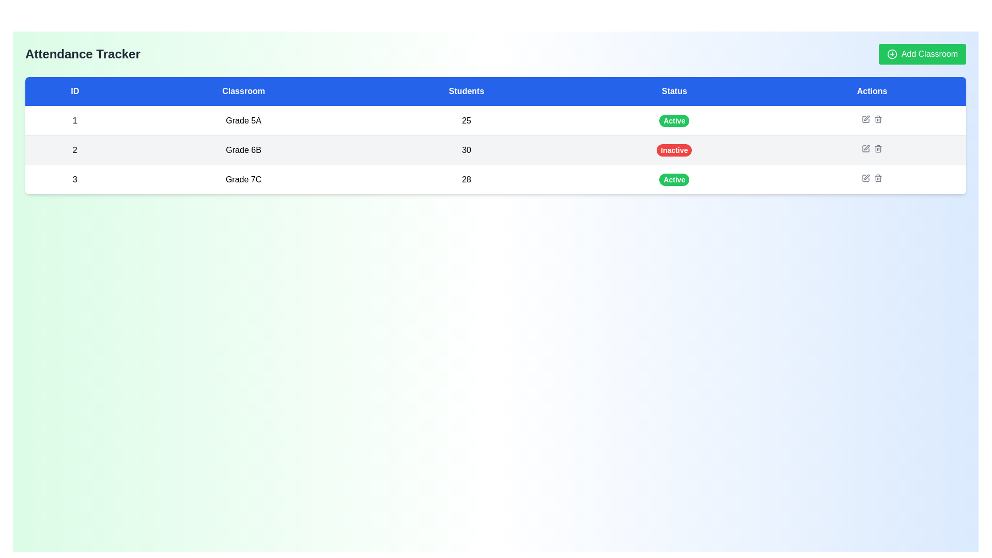 The image size is (992, 558). What do you see at coordinates (74, 120) in the screenshot?
I see `the Text element located in the first row and first column of the table under the 'ID' header, which serves as an identifier for the row` at bounding box center [74, 120].